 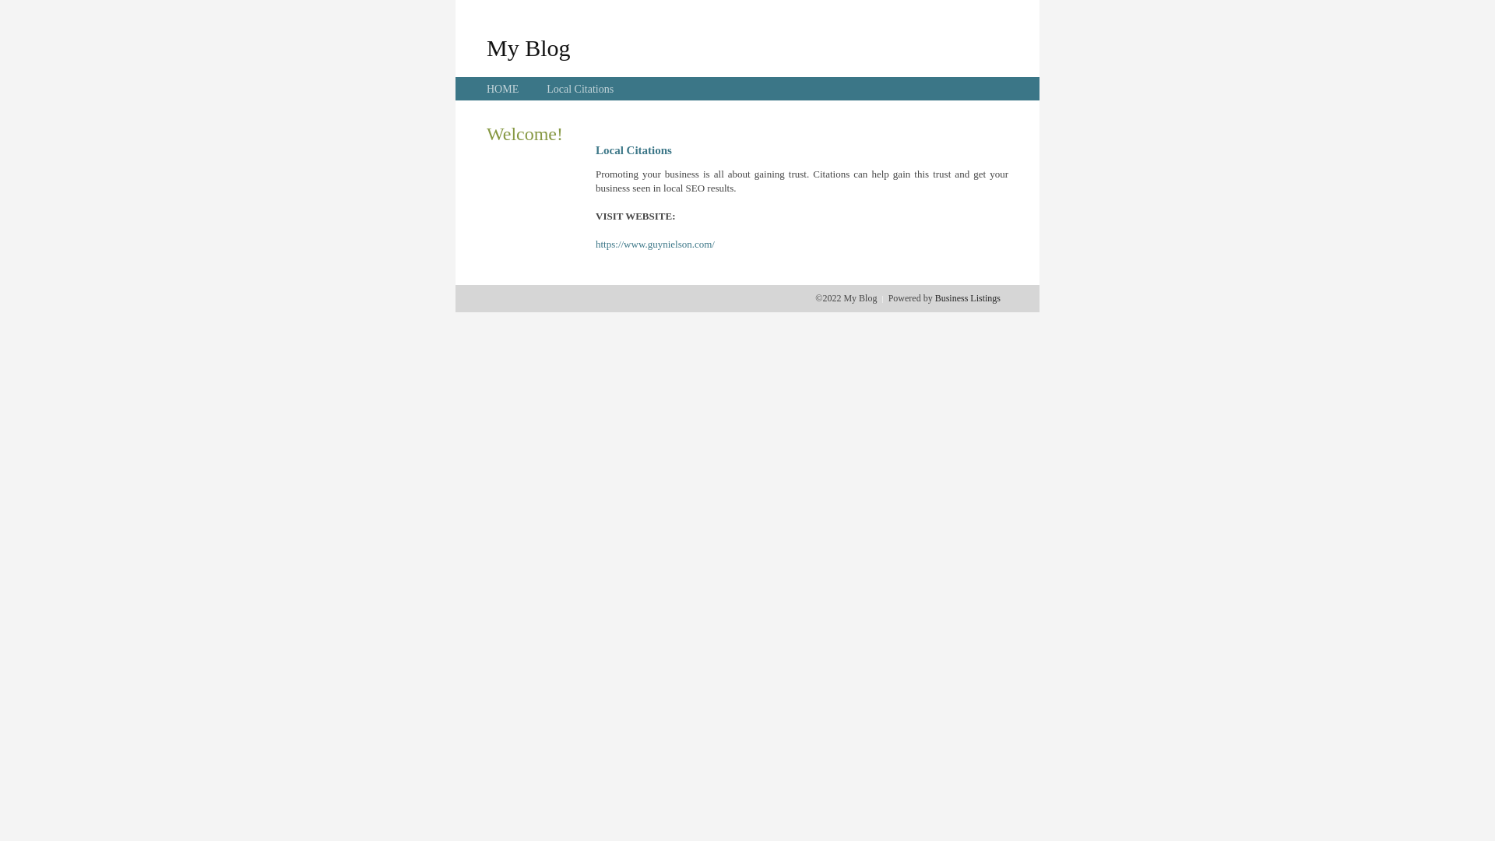 What do you see at coordinates (655, 244) in the screenshot?
I see `'https://www.guynielson.com/'` at bounding box center [655, 244].